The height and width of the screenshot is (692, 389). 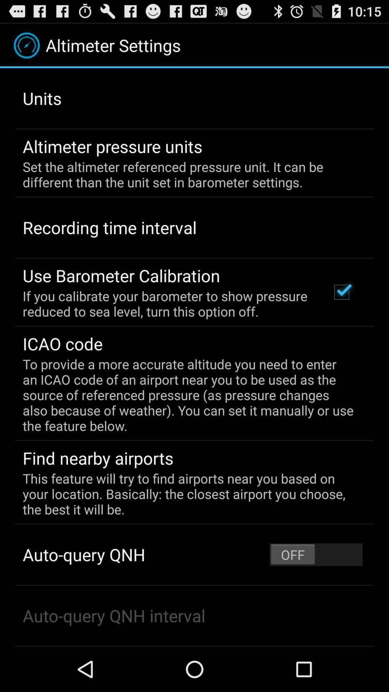 I want to click on item below the altimeter pressure units item, so click(x=189, y=174).